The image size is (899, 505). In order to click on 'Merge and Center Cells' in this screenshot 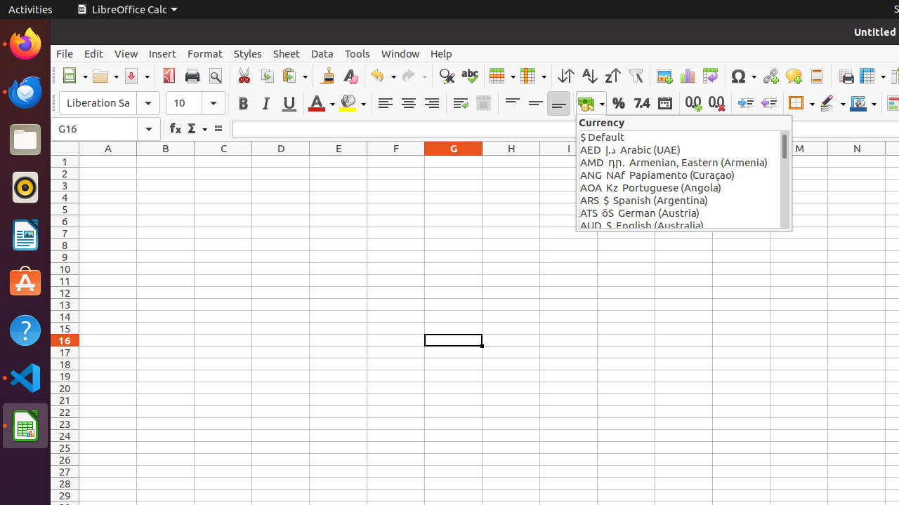, I will do `click(483, 102)`.